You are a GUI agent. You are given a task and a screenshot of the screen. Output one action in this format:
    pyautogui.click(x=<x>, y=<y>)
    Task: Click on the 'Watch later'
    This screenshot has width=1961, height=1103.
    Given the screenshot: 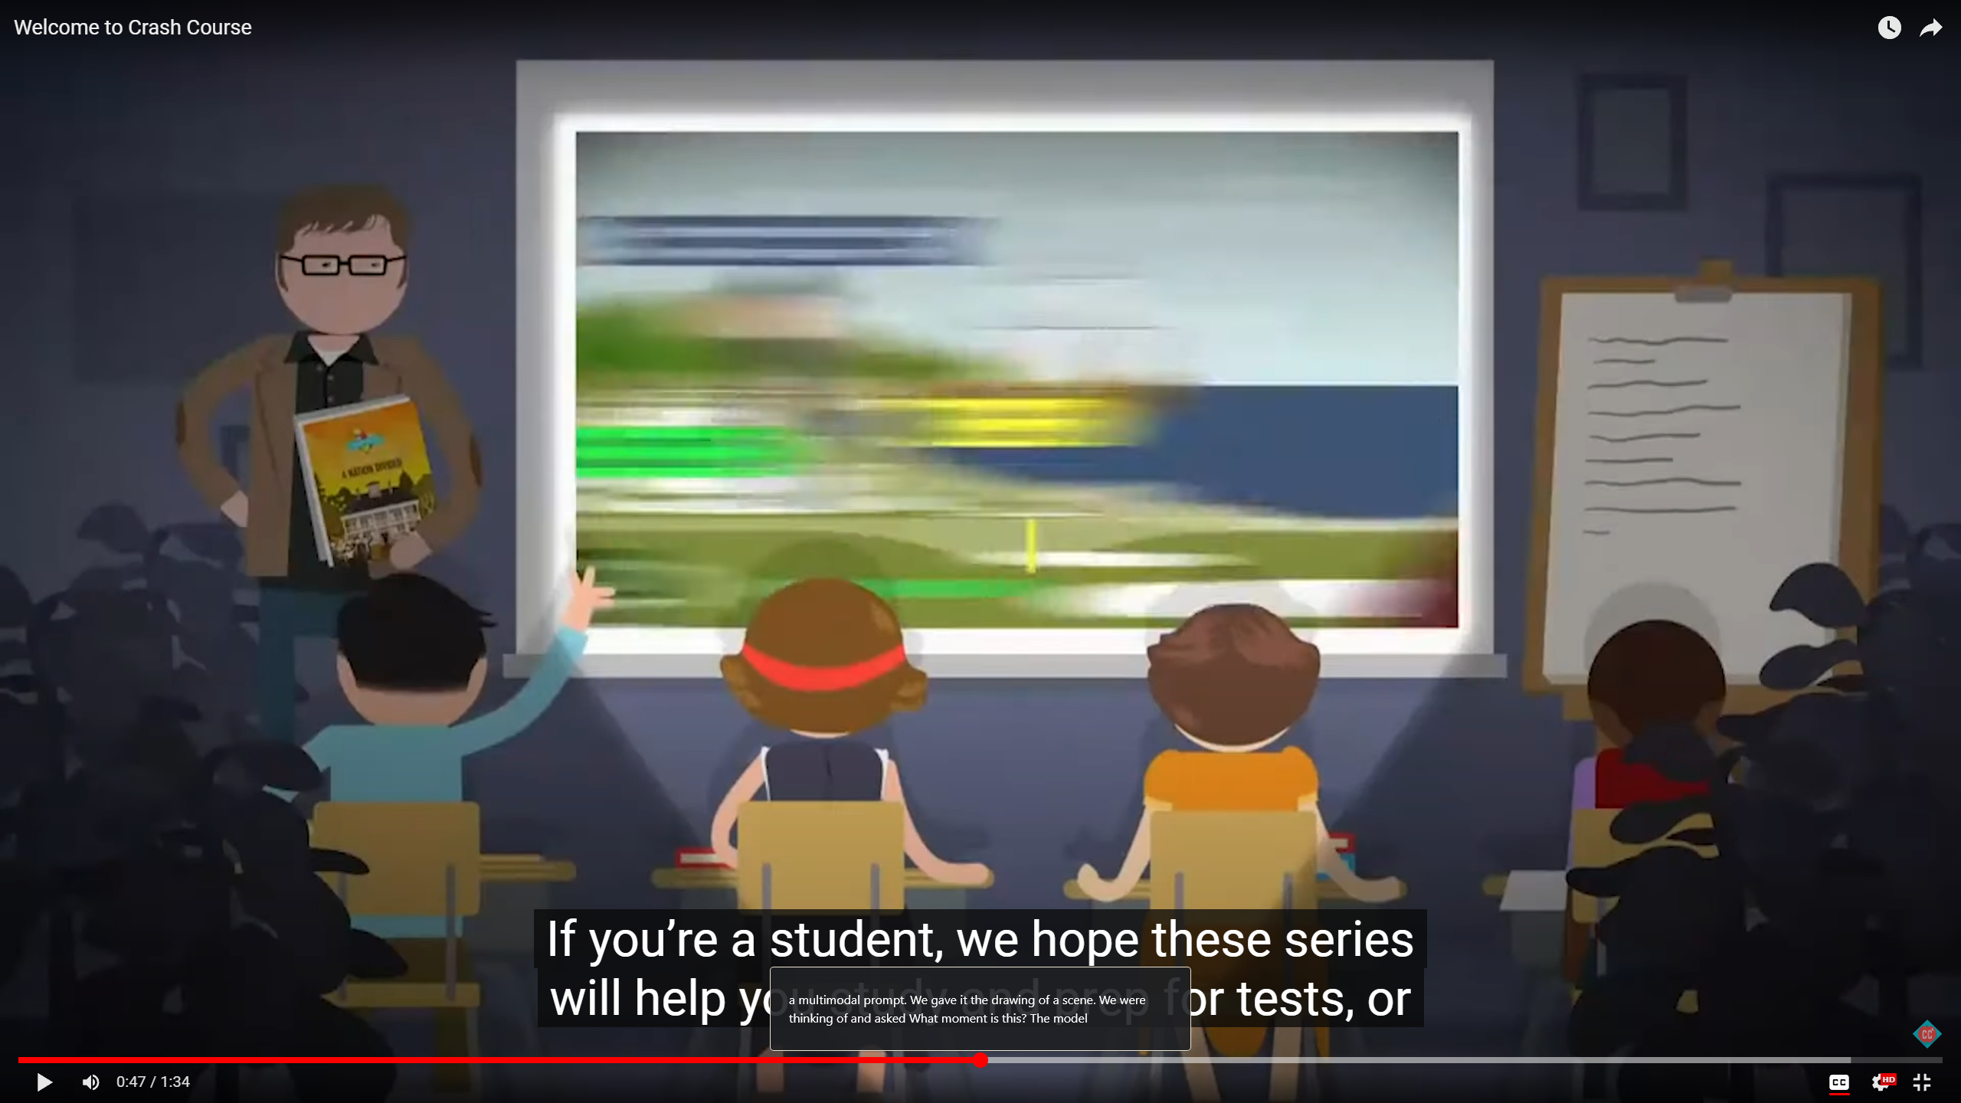 What is the action you would take?
    pyautogui.click(x=1889, y=23)
    